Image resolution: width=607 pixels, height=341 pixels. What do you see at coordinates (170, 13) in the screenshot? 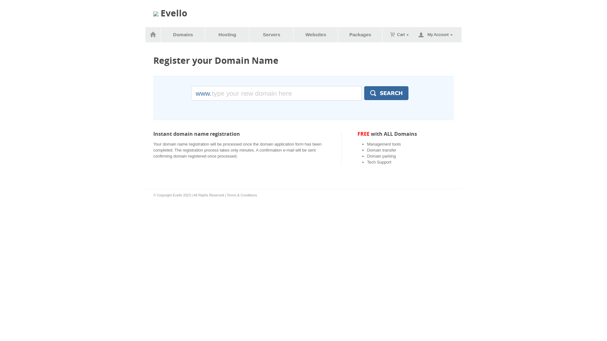
I see `'Evello'` at bounding box center [170, 13].